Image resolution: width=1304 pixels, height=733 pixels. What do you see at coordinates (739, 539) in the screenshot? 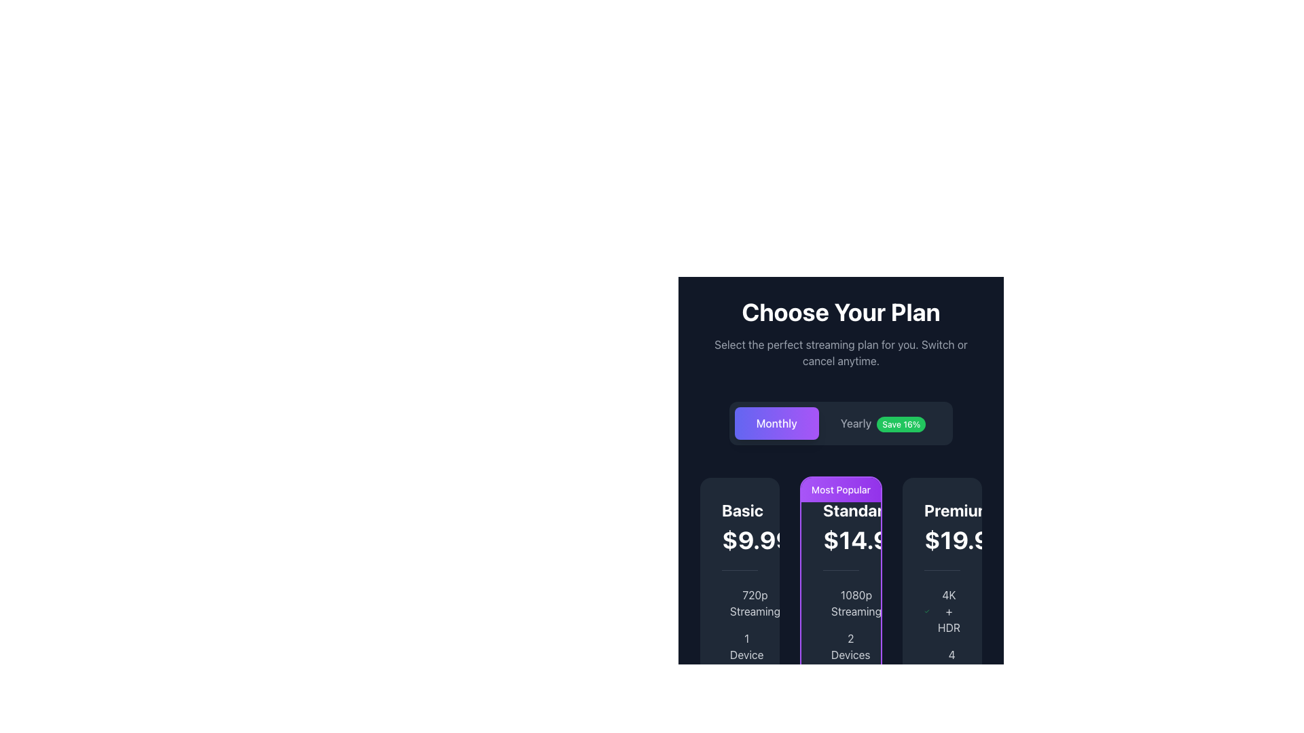
I see `the static text element displaying the cost of the 'Basic' subscription plan, located under the 'Basic' label in the leftmost pricing plan card` at bounding box center [739, 539].